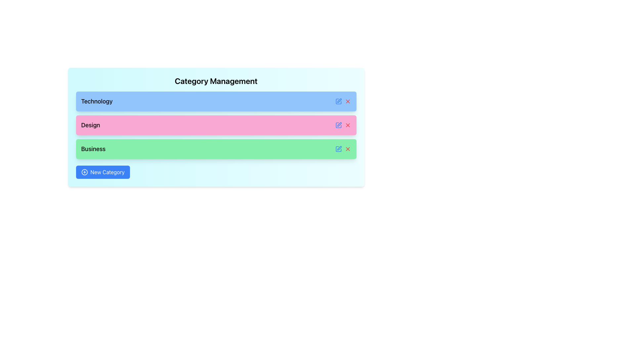  I want to click on the red 'X' icon in the Icon Group (Edit and Delete) located in the top-right corner of the pink bar representing the 'Design' category, so click(343, 125).